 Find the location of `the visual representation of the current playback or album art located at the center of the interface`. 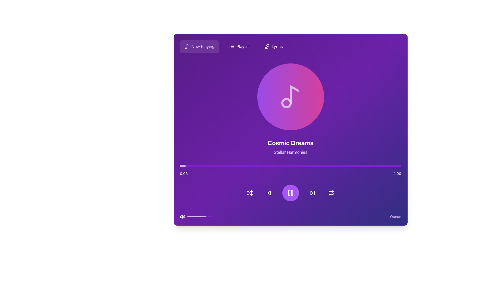

the visual representation of the current playback or album art located at the center of the interface is located at coordinates (290, 97).